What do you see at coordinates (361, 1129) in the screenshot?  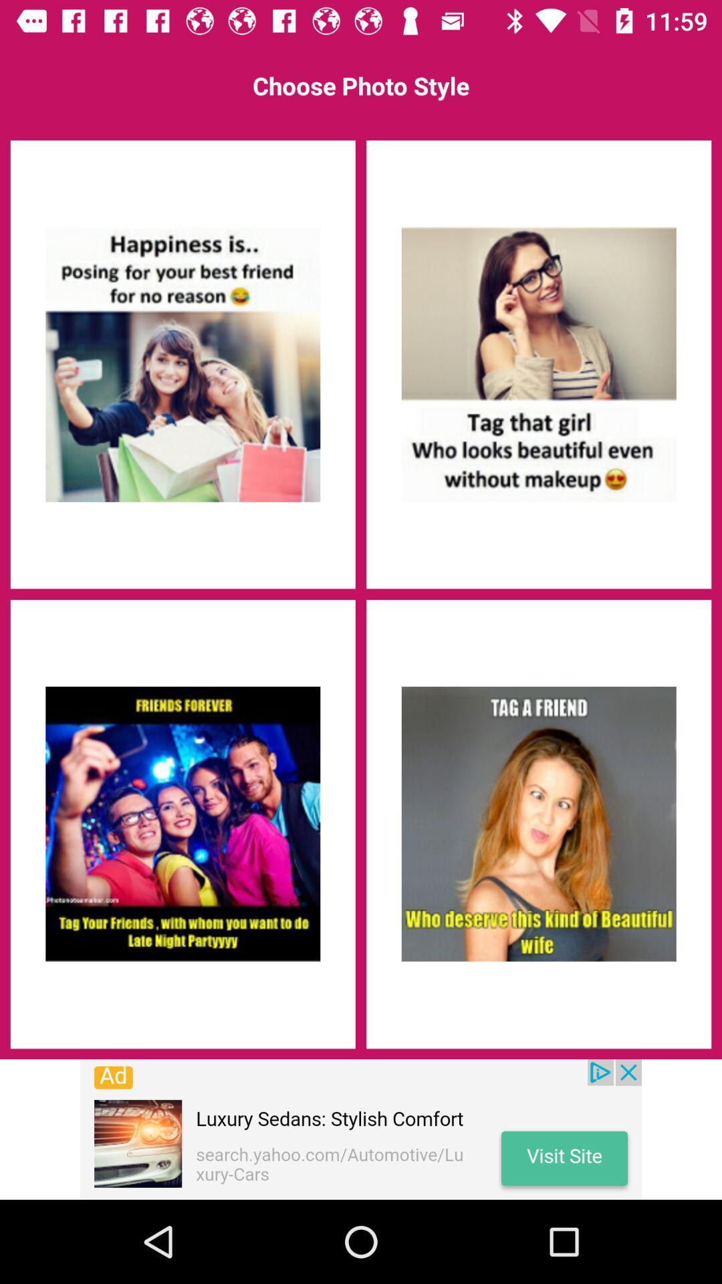 I see `advertisement` at bounding box center [361, 1129].